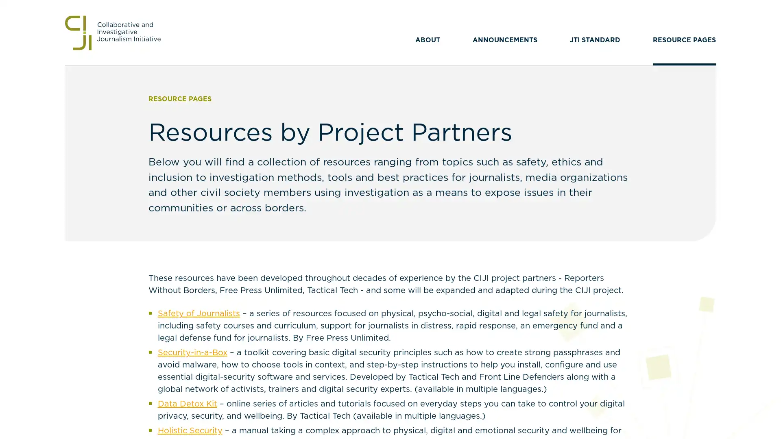 The image size is (781, 439). Describe the element at coordinates (342, 238) in the screenshot. I see `more` at that location.